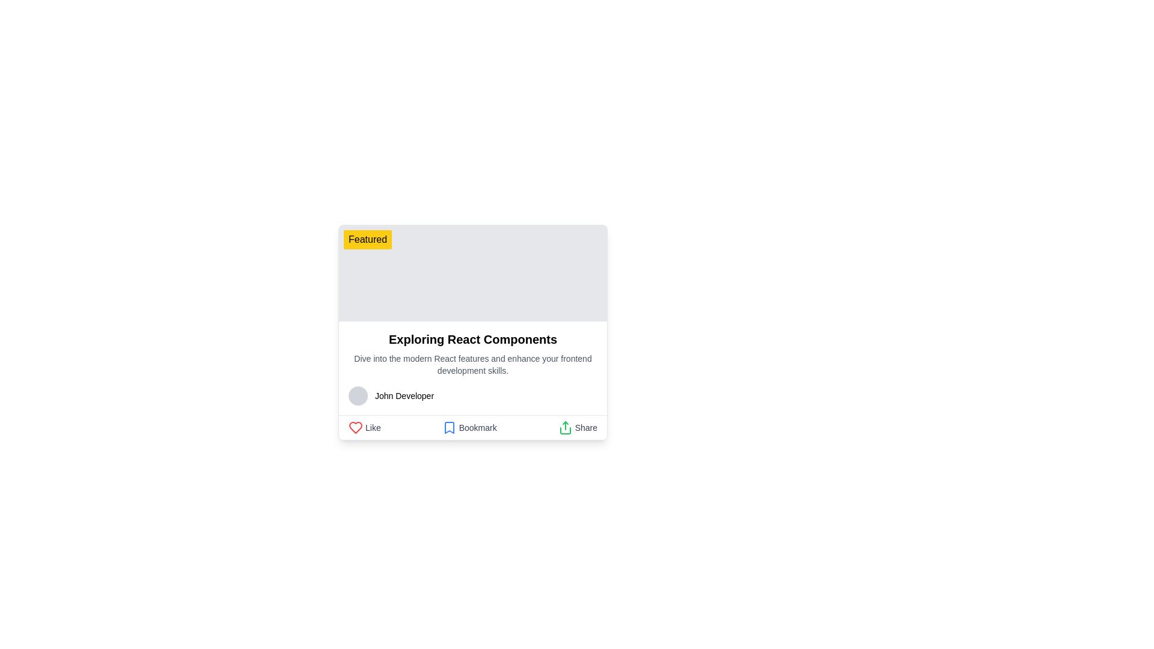 This screenshot has height=649, width=1154. I want to click on the headline text element located at the beginning of its section, so click(472, 339).